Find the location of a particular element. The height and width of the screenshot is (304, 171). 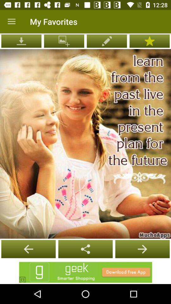

download geek app is located at coordinates (85, 272).